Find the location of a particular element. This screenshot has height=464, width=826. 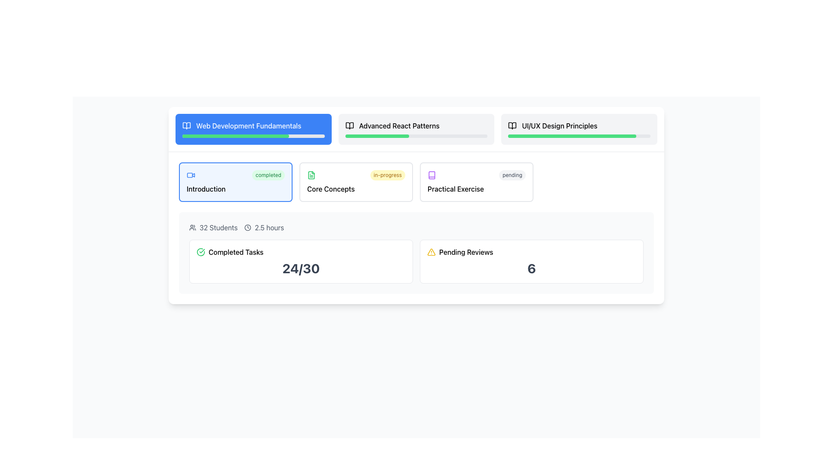

the content of the bold number '6' styled in a large font size and dark gray color, which is located beneath the 'Pending Reviews' label in a bordered and rounded white box is located at coordinates (531, 268).